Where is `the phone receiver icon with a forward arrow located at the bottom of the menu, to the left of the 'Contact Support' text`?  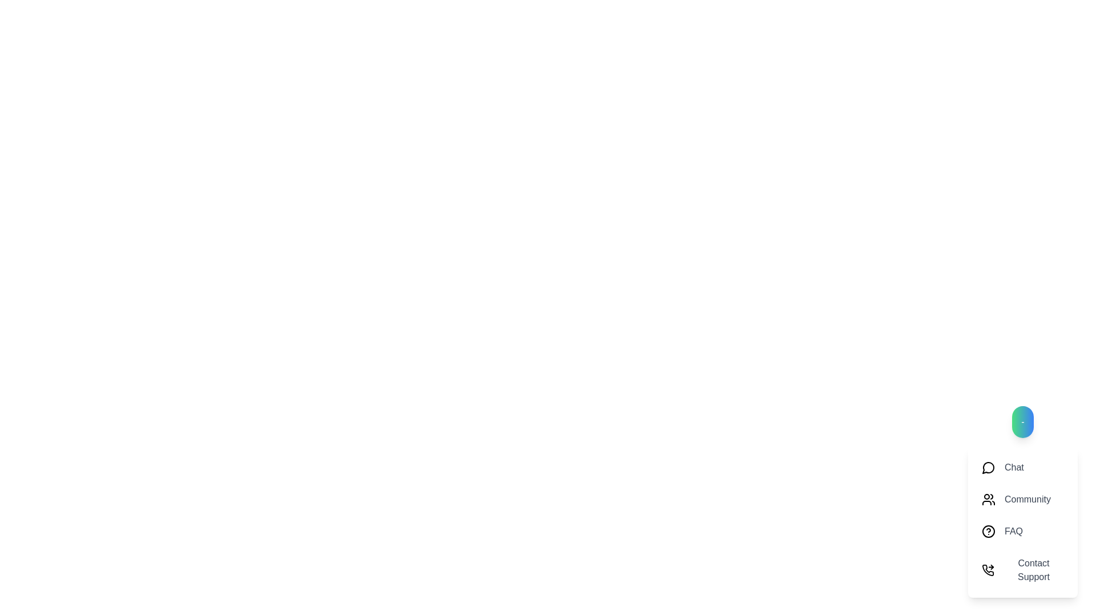 the phone receiver icon with a forward arrow located at the bottom of the menu, to the left of the 'Contact Support' text is located at coordinates (988, 570).